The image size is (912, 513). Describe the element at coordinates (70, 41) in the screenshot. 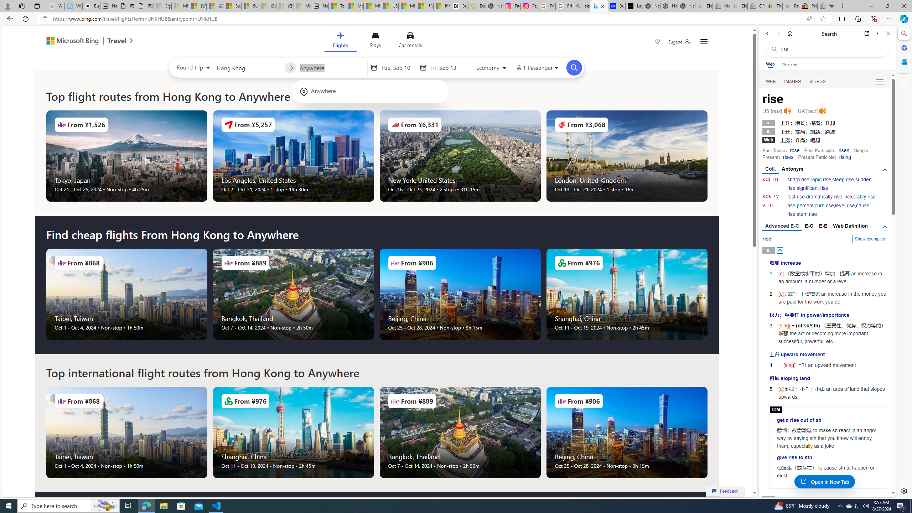

I see `'Class: msft-bing-logo msft-bing-logo-desktop'` at that location.